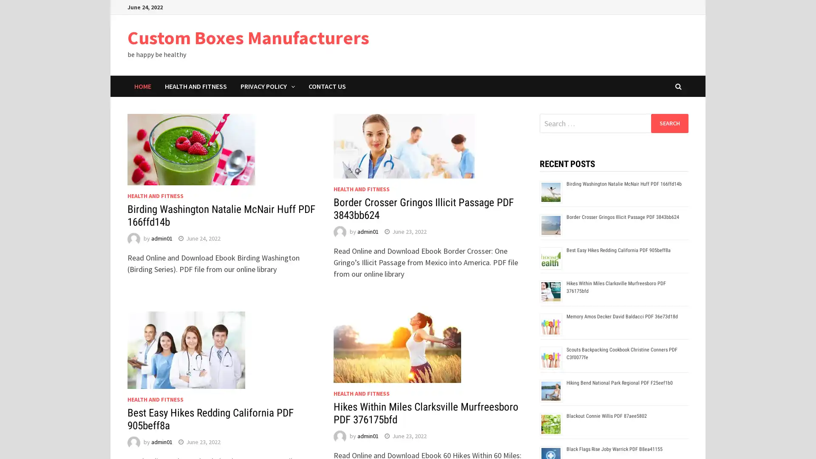  What do you see at coordinates (669, 123) in the screenshot?
I see `Search` at bounding box center [669, 123].